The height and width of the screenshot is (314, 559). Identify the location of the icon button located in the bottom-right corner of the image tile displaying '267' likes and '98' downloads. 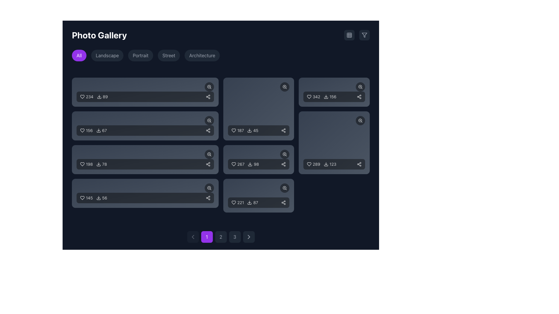
(285, 154).